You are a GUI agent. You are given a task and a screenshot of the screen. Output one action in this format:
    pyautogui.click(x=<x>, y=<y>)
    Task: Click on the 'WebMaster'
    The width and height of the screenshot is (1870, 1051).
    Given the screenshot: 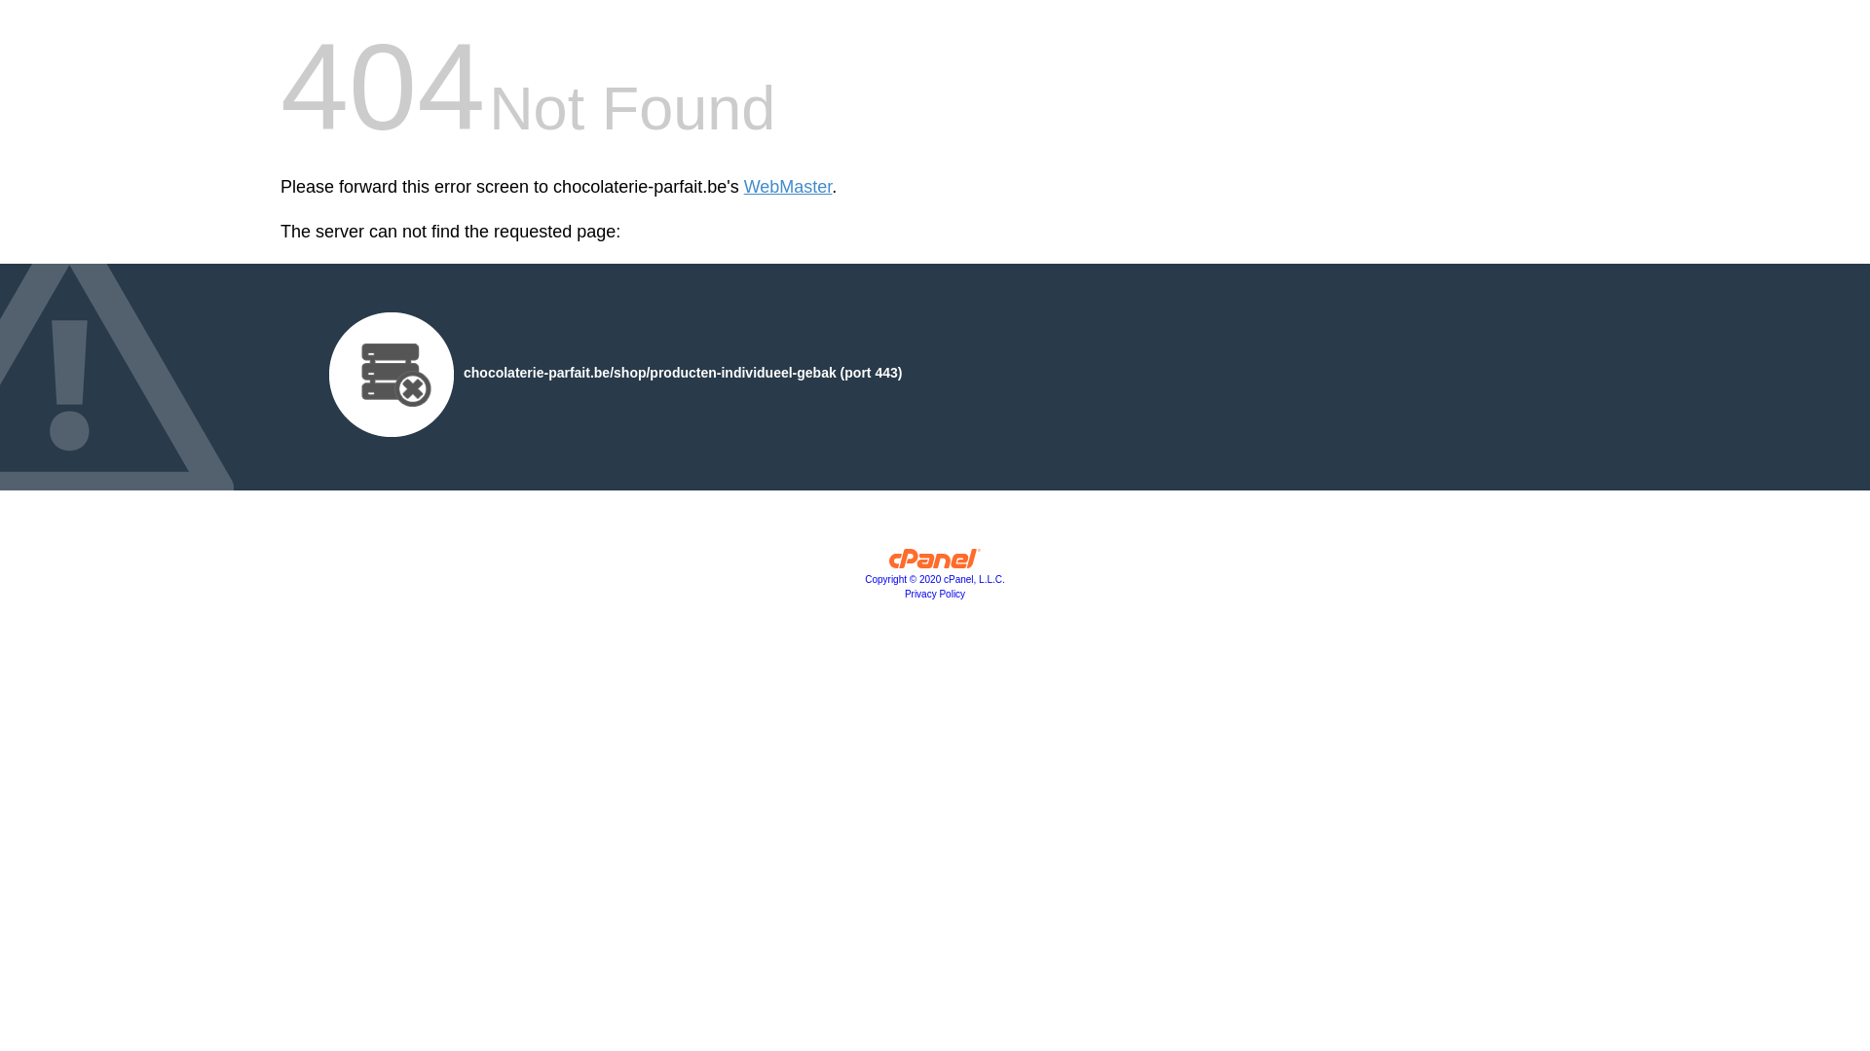 What is the action you would take?
    pyautogui.click(x=742, y=187)
    